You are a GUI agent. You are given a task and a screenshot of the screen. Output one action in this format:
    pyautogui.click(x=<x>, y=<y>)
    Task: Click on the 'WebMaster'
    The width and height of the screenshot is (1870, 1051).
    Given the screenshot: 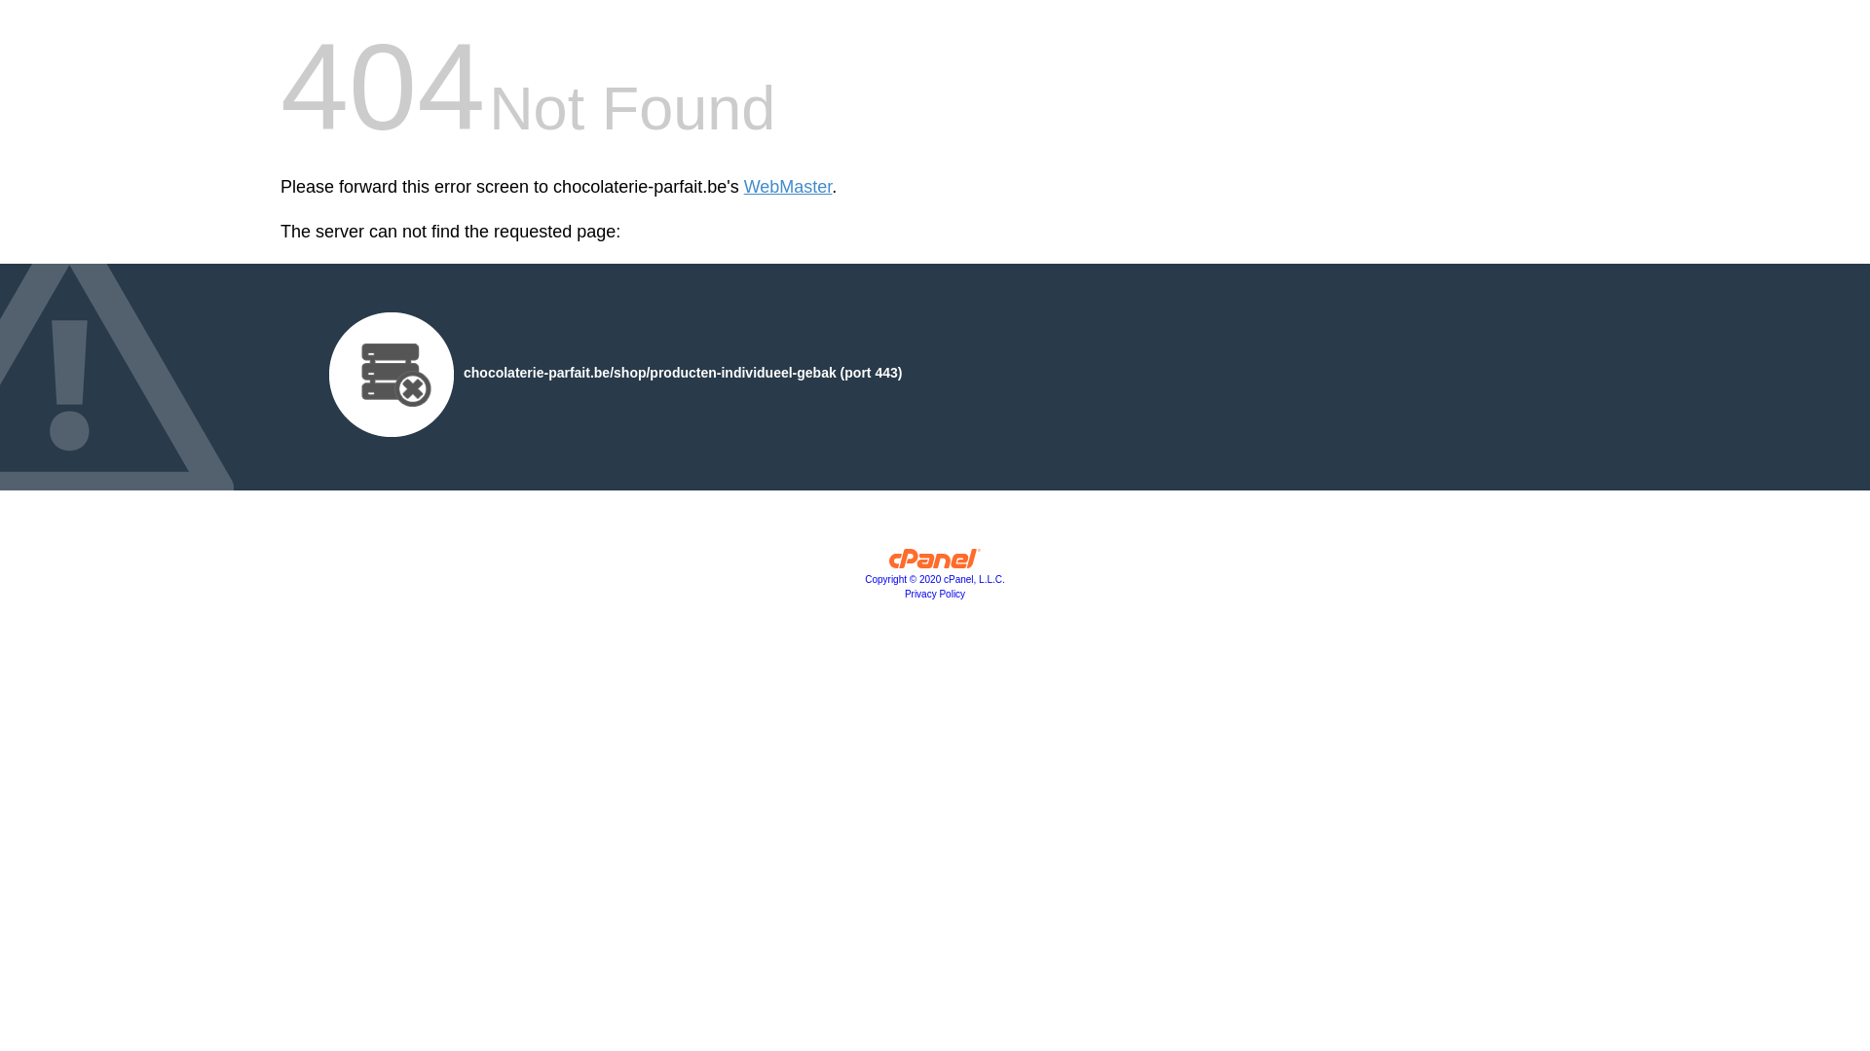 What is the action you would take?
    pyautogui.click(x=742, y=187)
    